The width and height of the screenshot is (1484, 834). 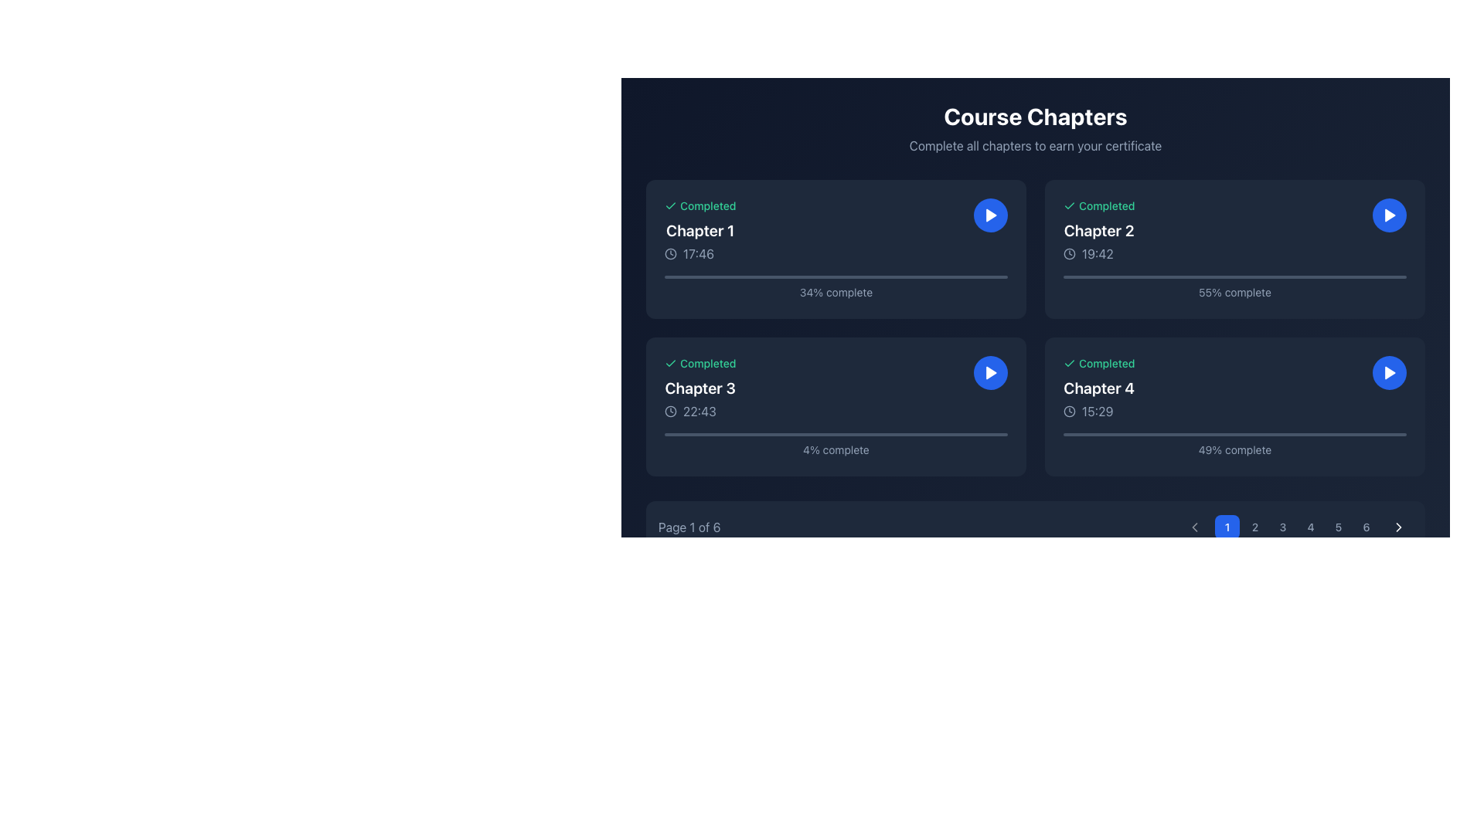 What do you see at coordinates (699, 231) in the screenshot?
I see `the static text element displaying chapter title, completion status, and duration, located in the top left corner of the course chapters section` at bounding box center [699, 231].